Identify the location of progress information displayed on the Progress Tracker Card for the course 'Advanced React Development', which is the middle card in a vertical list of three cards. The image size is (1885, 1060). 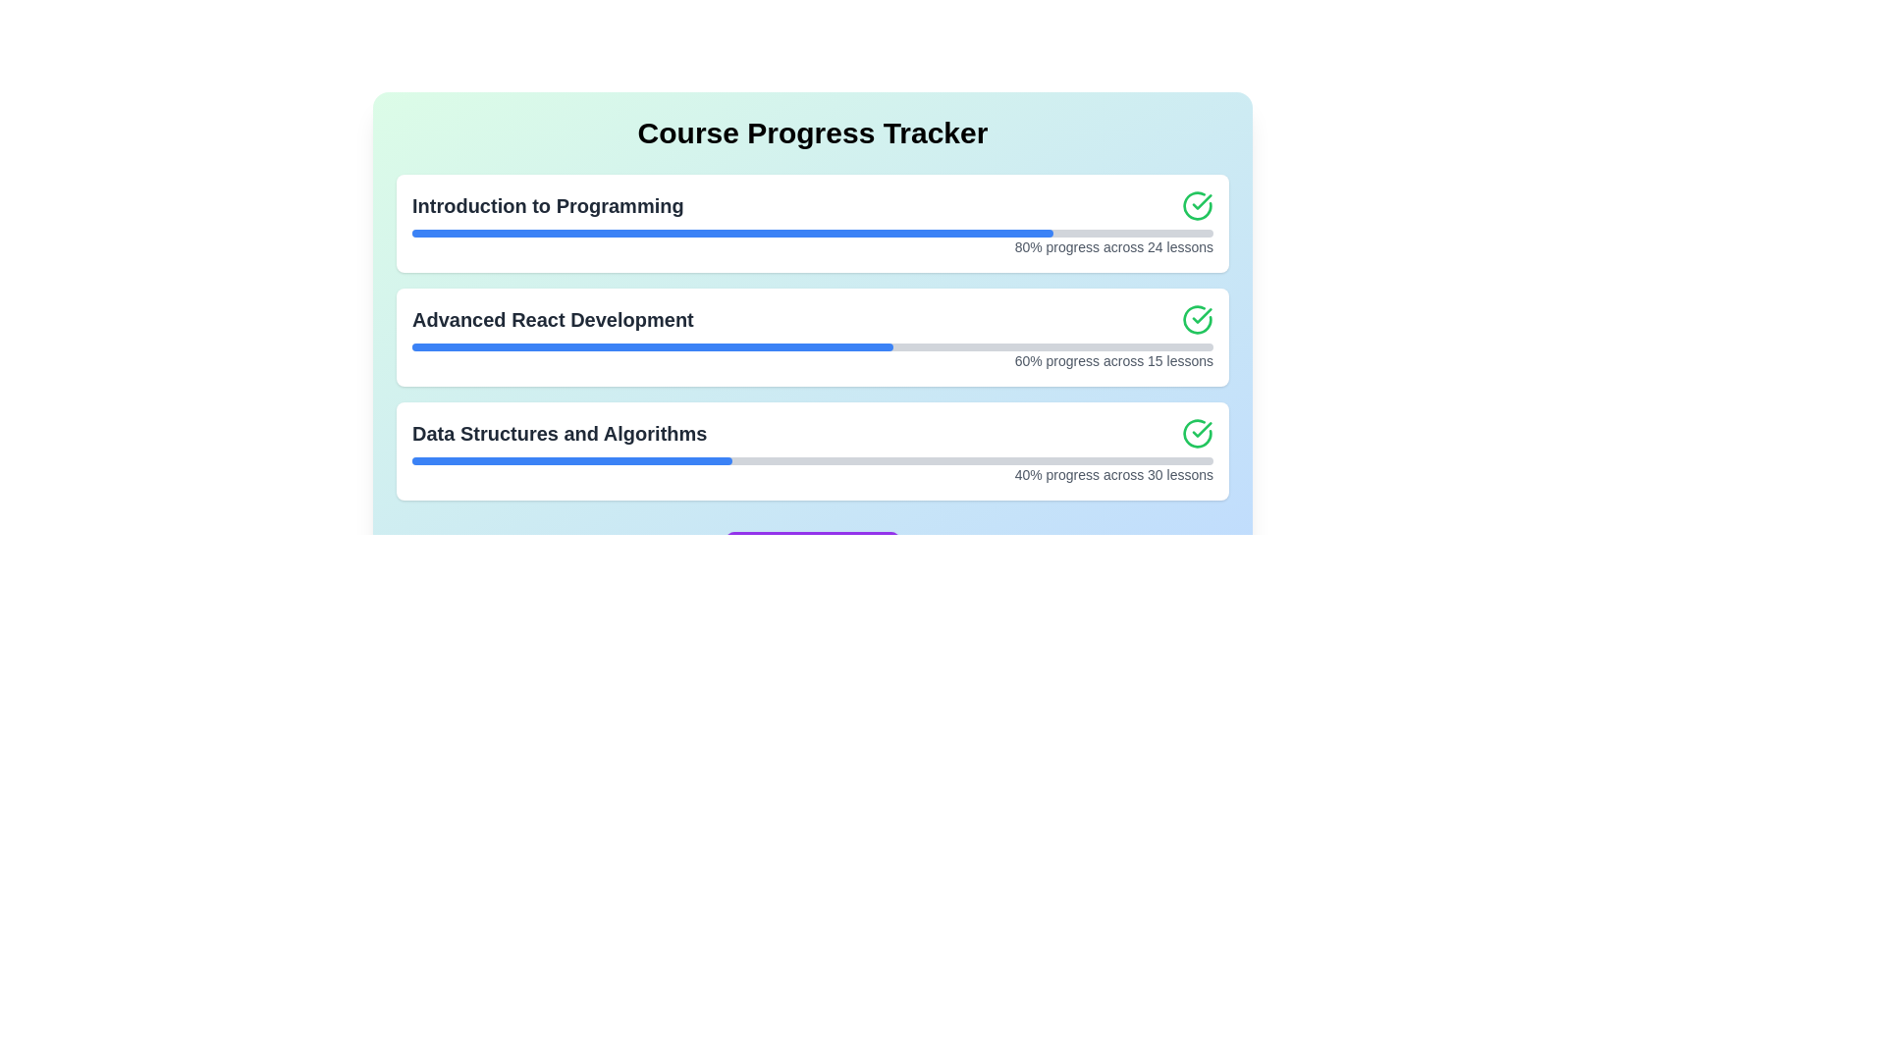
(813, 336).